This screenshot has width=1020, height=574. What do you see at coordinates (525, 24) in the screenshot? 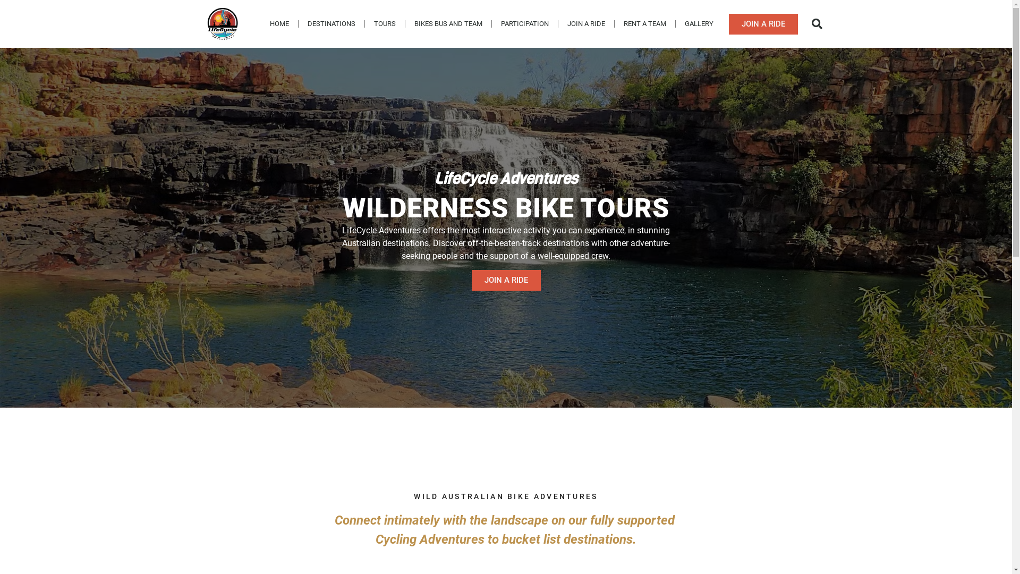
I see `'PARTICIPATION'` at bounding box center [525, 24].